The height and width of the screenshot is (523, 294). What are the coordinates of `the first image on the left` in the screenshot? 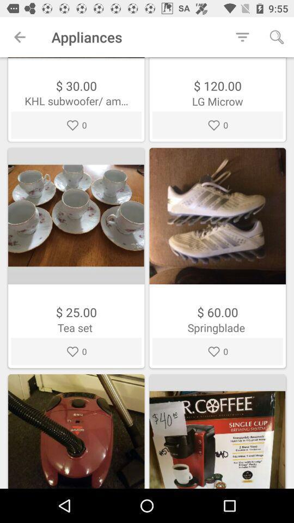 It's located at (76, 215).